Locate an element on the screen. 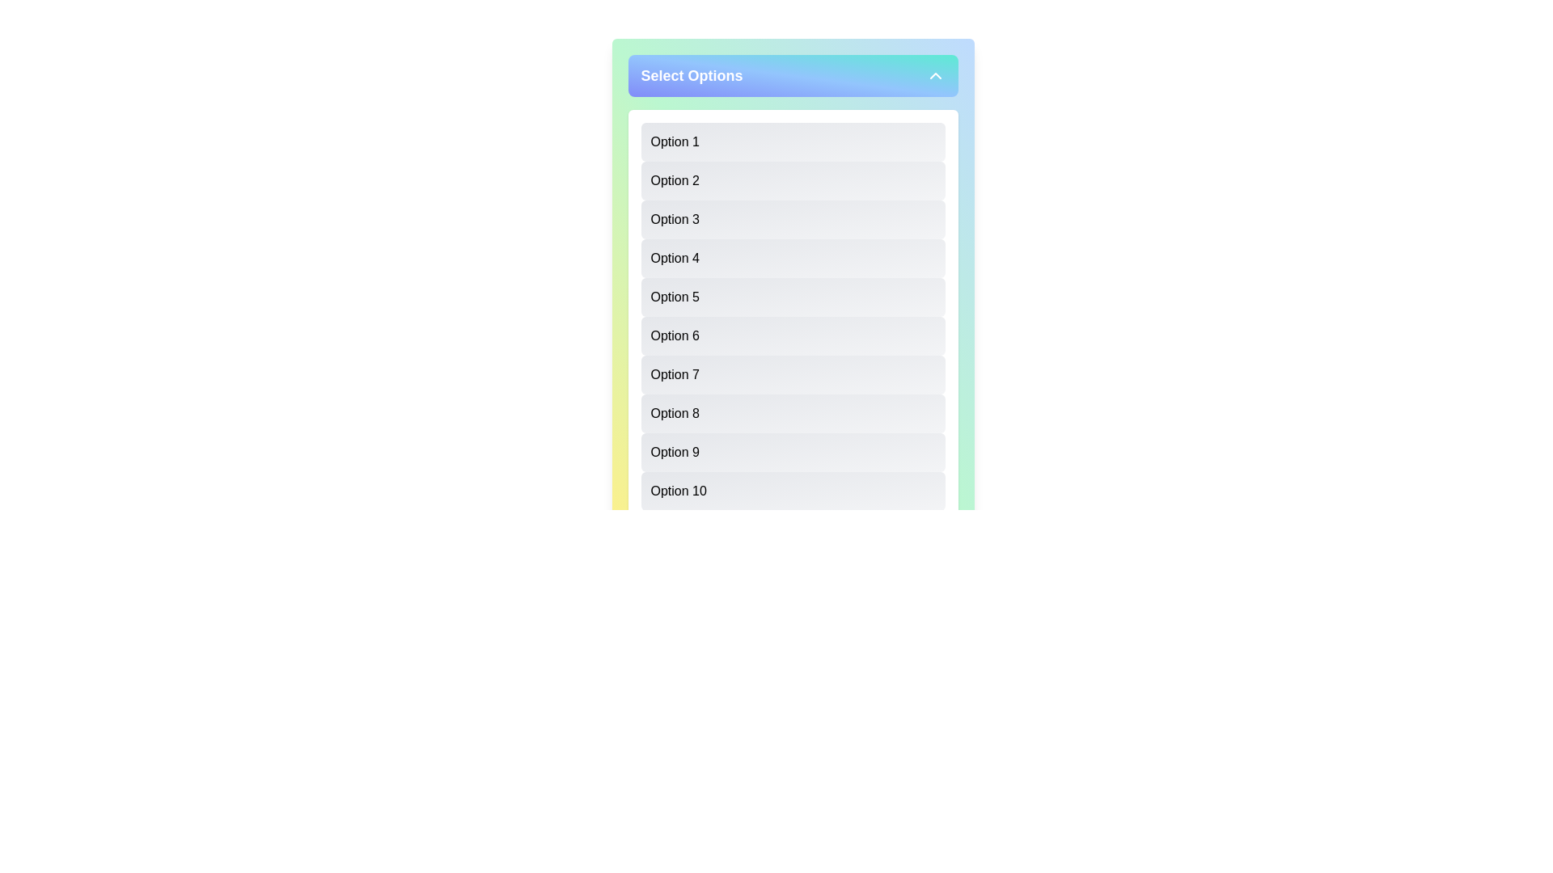 This screenshot has height=873, width=1553. the fifth selectable option label in the list under the 'Select Options' dropdown menu is located at coordinates (675, 297).